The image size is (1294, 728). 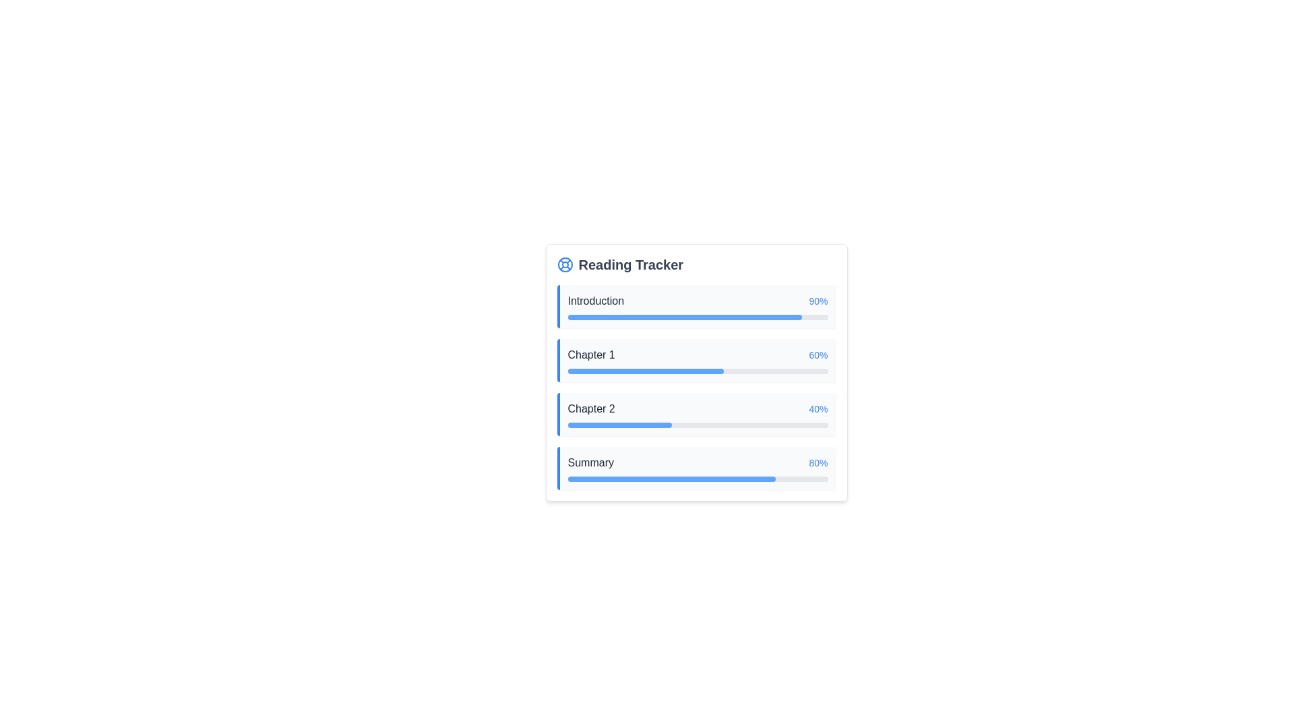 What do you see at coordinates (698, 371) in the screenshot?
I see `the horizontal progress bar indicating 60% progress located in the reading tracker section under the heading 'Chapter 1', aligned vertically below the text label '60%'` at bounding box center [698, 371].